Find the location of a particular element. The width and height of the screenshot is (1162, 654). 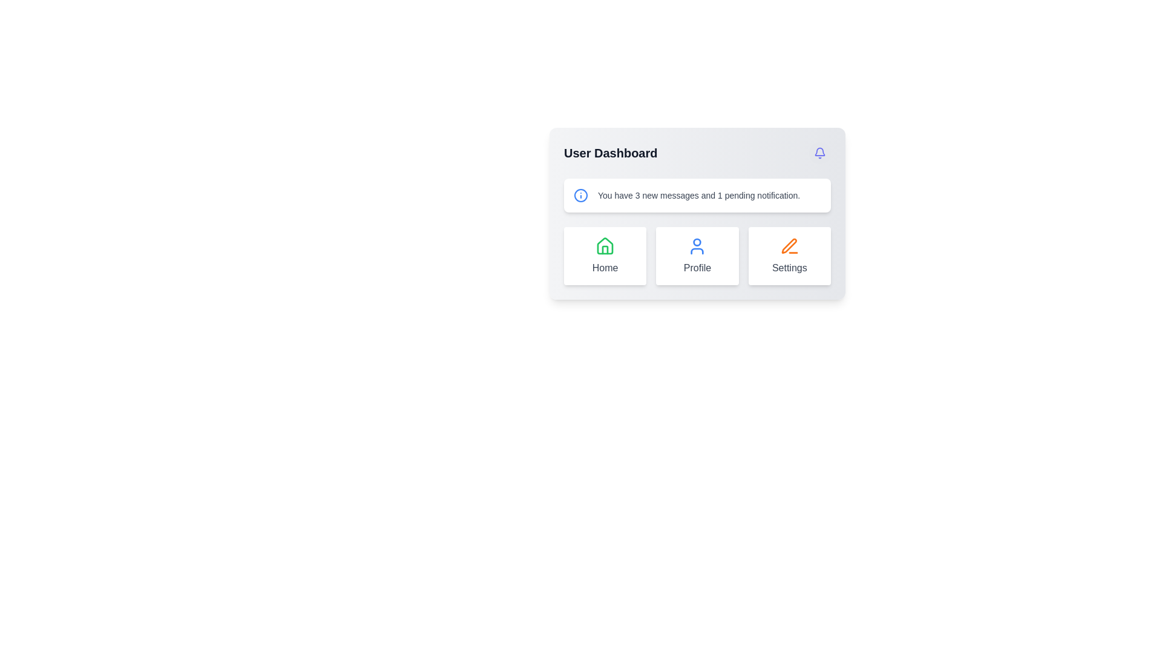

the Card element that represents user profile information or settings, positioned in the center slot of a three-column grid layout is located at coordinates (697, 256).